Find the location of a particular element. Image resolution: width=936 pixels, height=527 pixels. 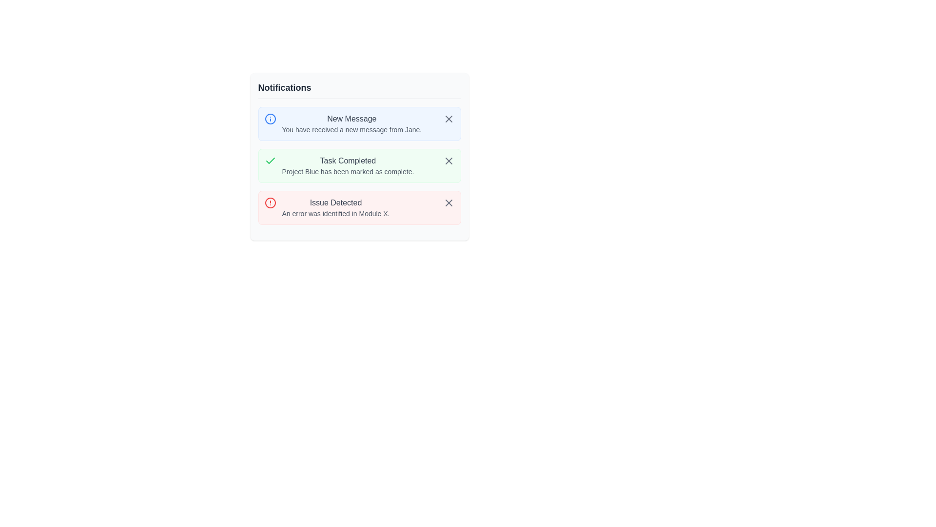

the task completion icon located in the second notification with a green background and the text 'Task Completed' is located at coordinates (270, 161).